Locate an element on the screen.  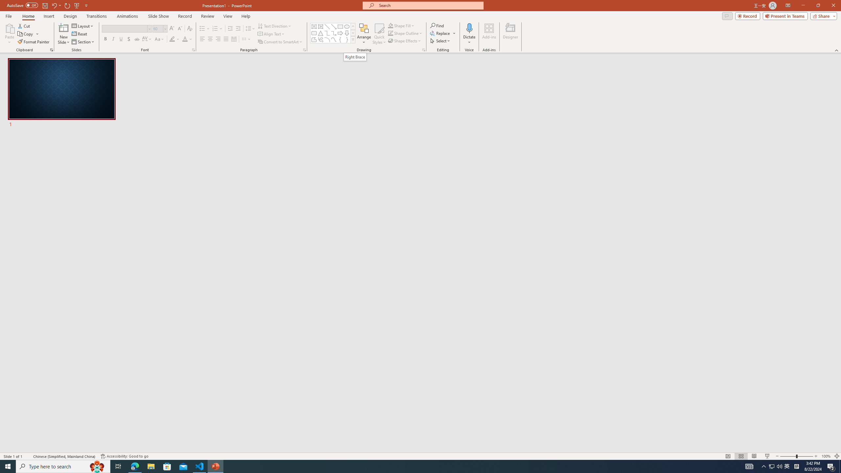
'Bold' is located at coordinates (105, 39).